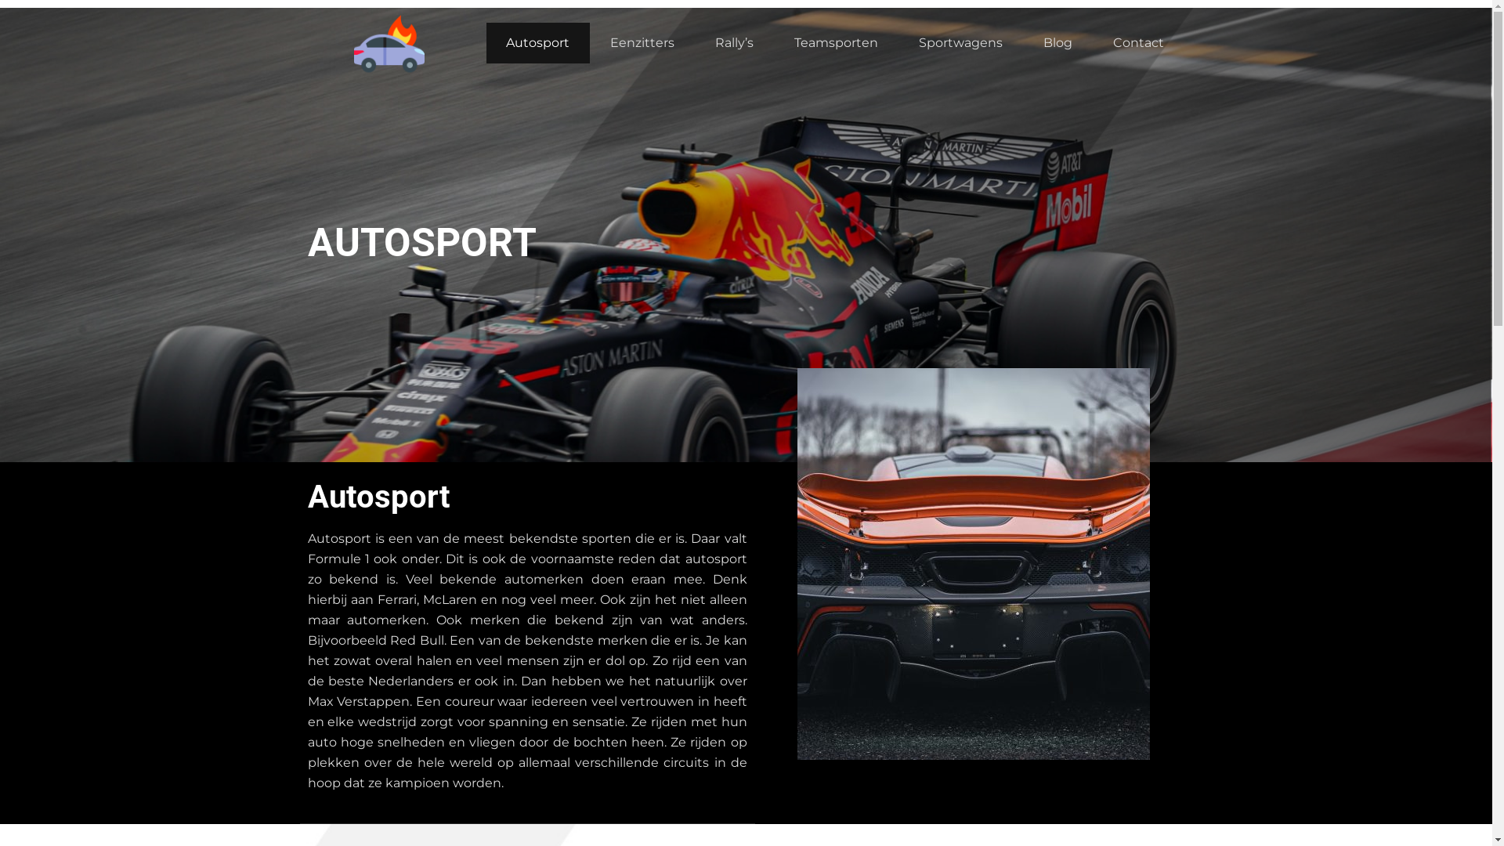 This screenshot has height=846, width=1504. What do you see at coordinates (774, 42) in the screenshot?
I see `'Teamsporten'` at bounding box center [774, 42].